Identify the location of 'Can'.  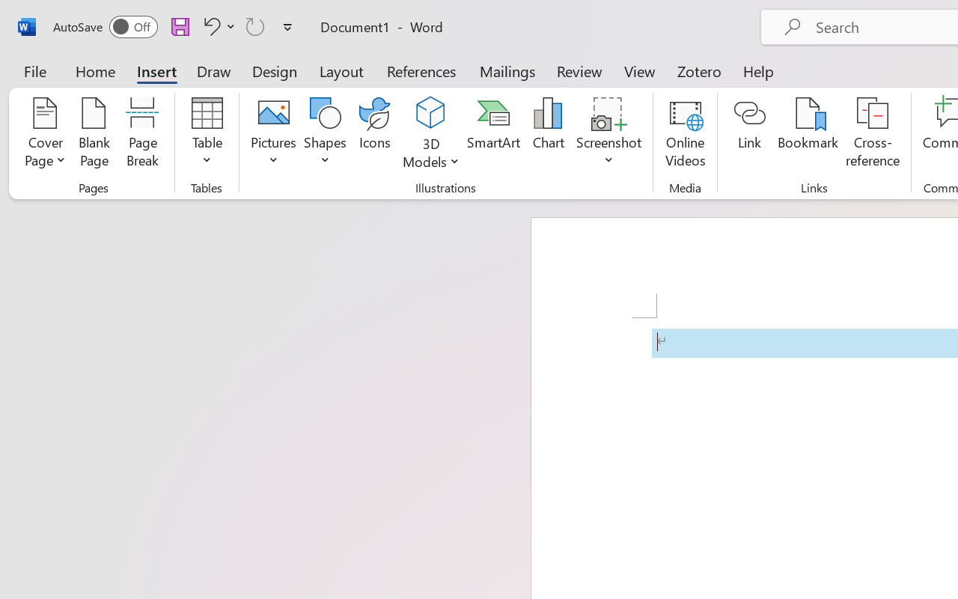
(255, 25).